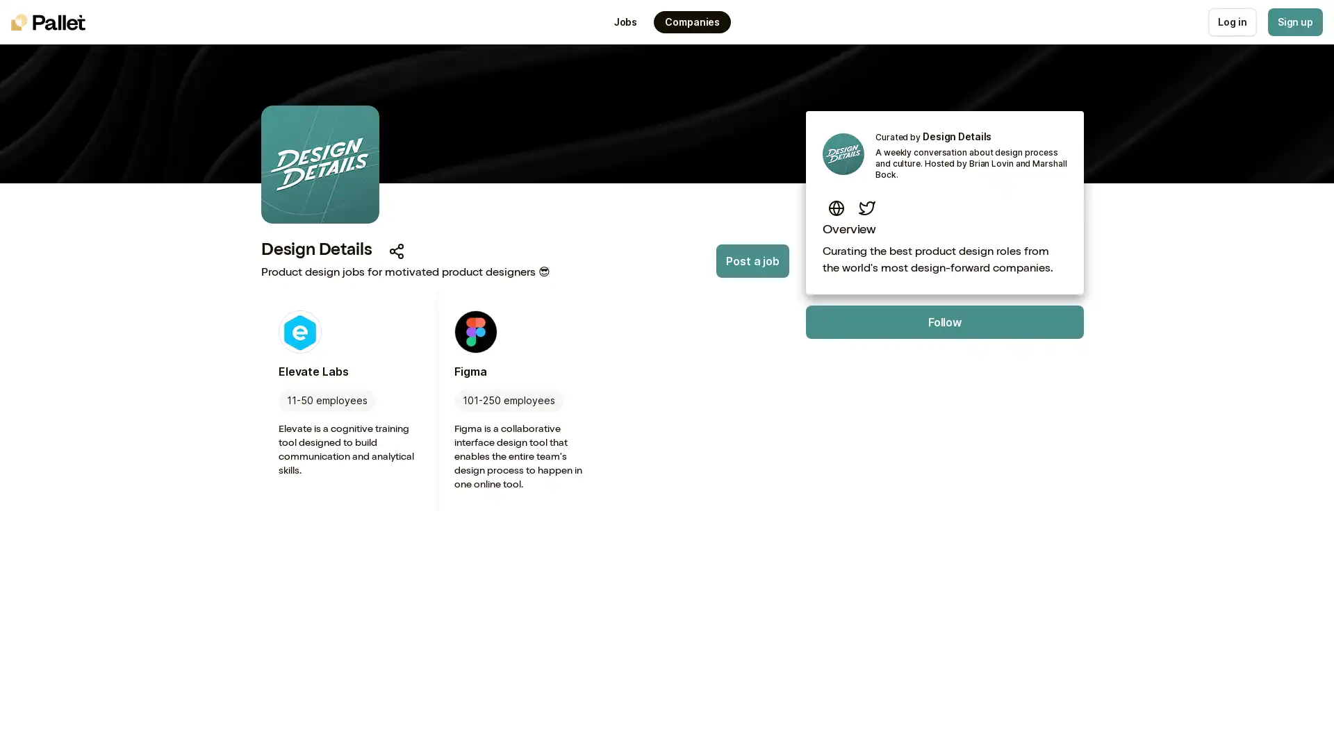 The height and width of the screenshot is (750, 1334). I want to click on Sign up, so click(1294, 22).